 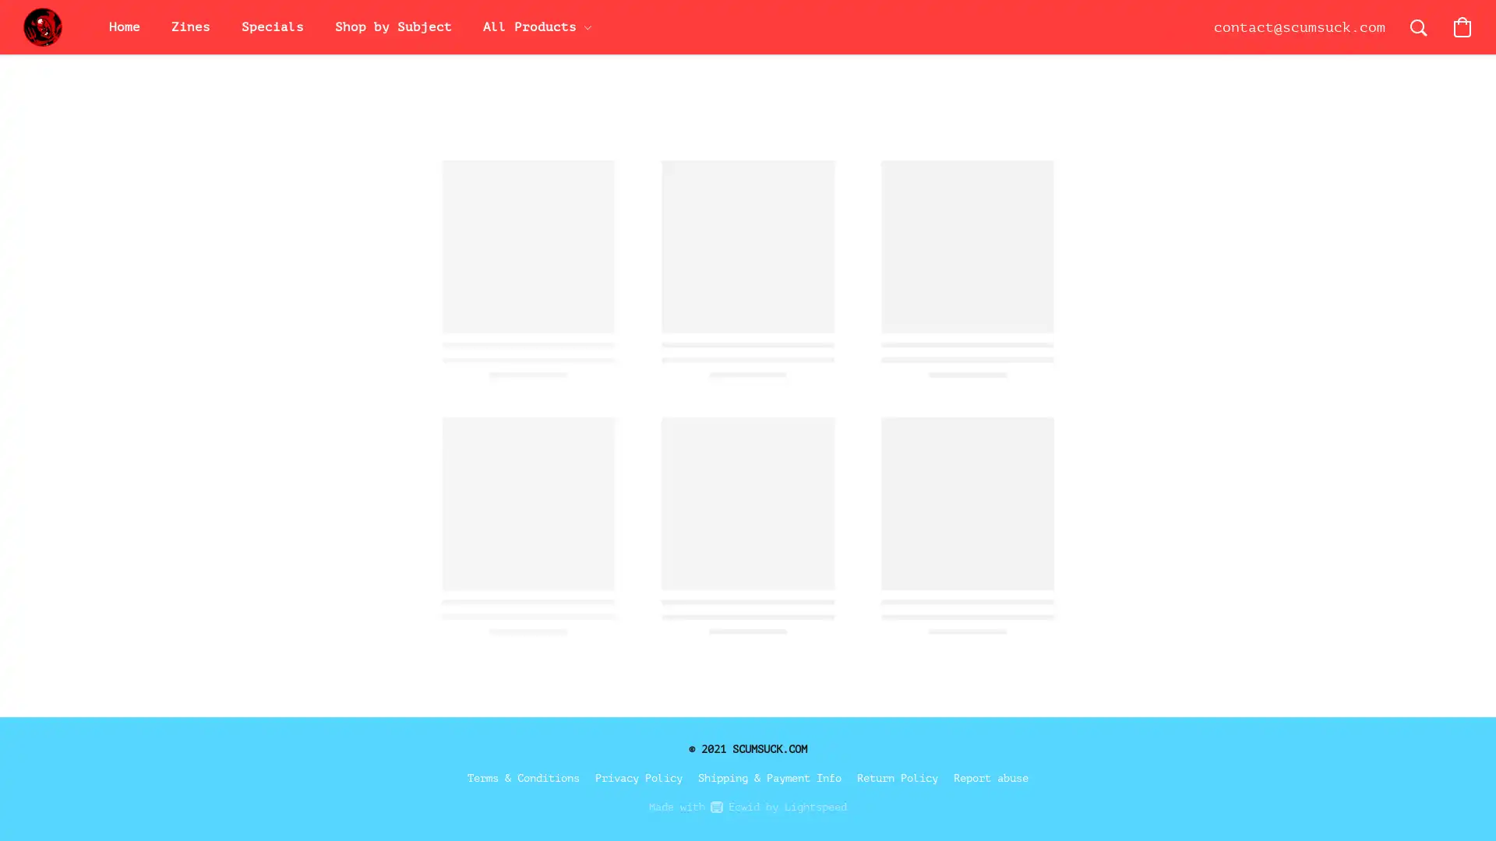 What do you see at coordinates (1275, 554) in the screenshot?
I see `Accept Only Essential Cookies` at bounding box center [1275, 554].